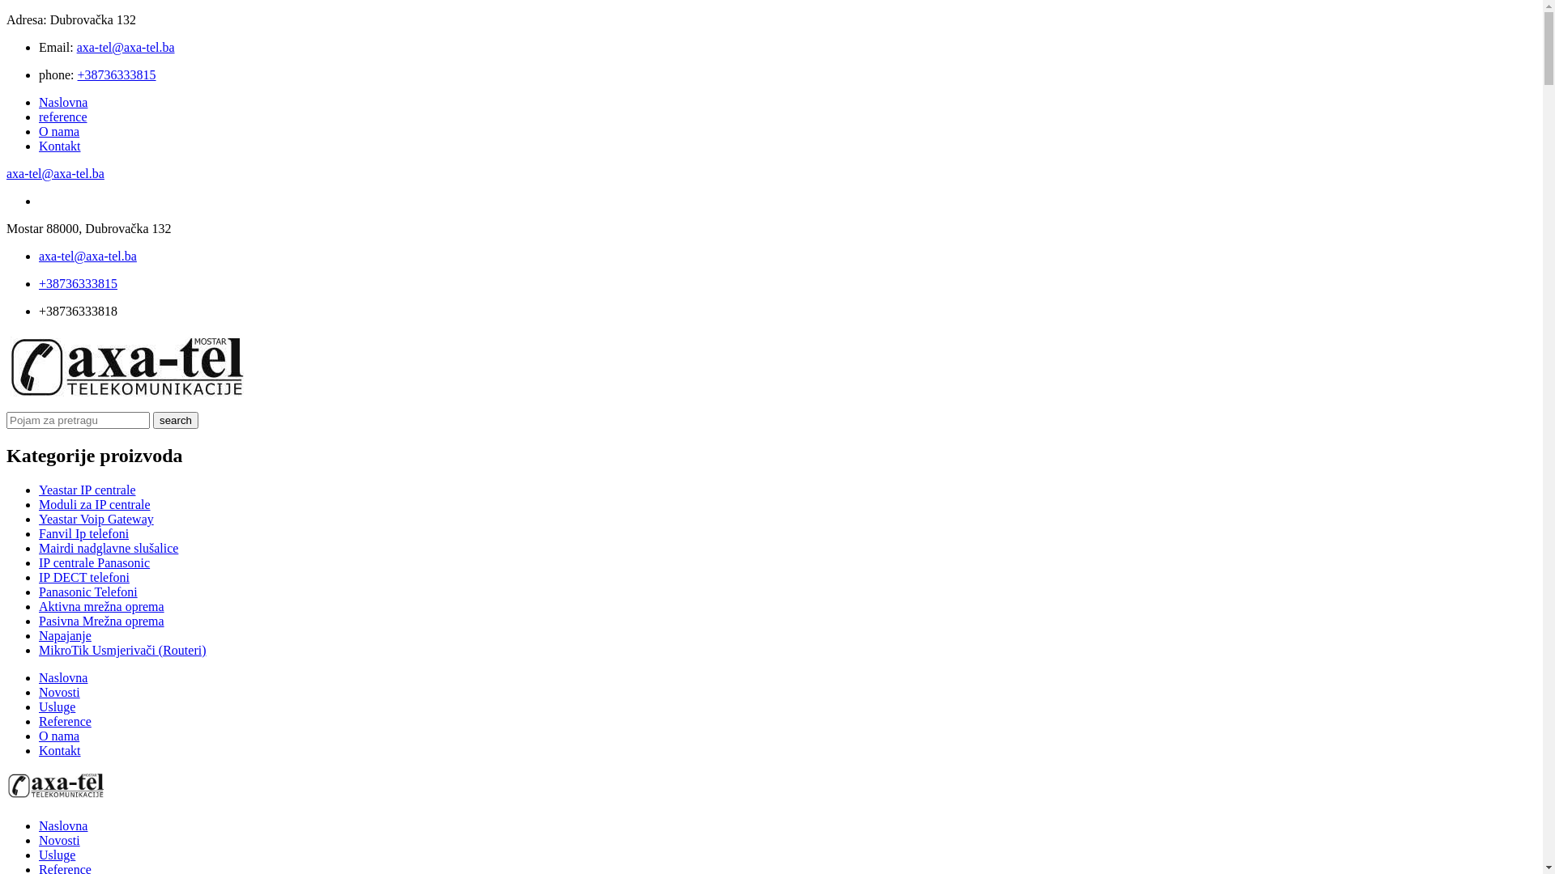 The width and height of the screenshot is (1555, 874). Describe the element at coordinates (62, 116) in the screenshot. I see `'reference'` at that location.